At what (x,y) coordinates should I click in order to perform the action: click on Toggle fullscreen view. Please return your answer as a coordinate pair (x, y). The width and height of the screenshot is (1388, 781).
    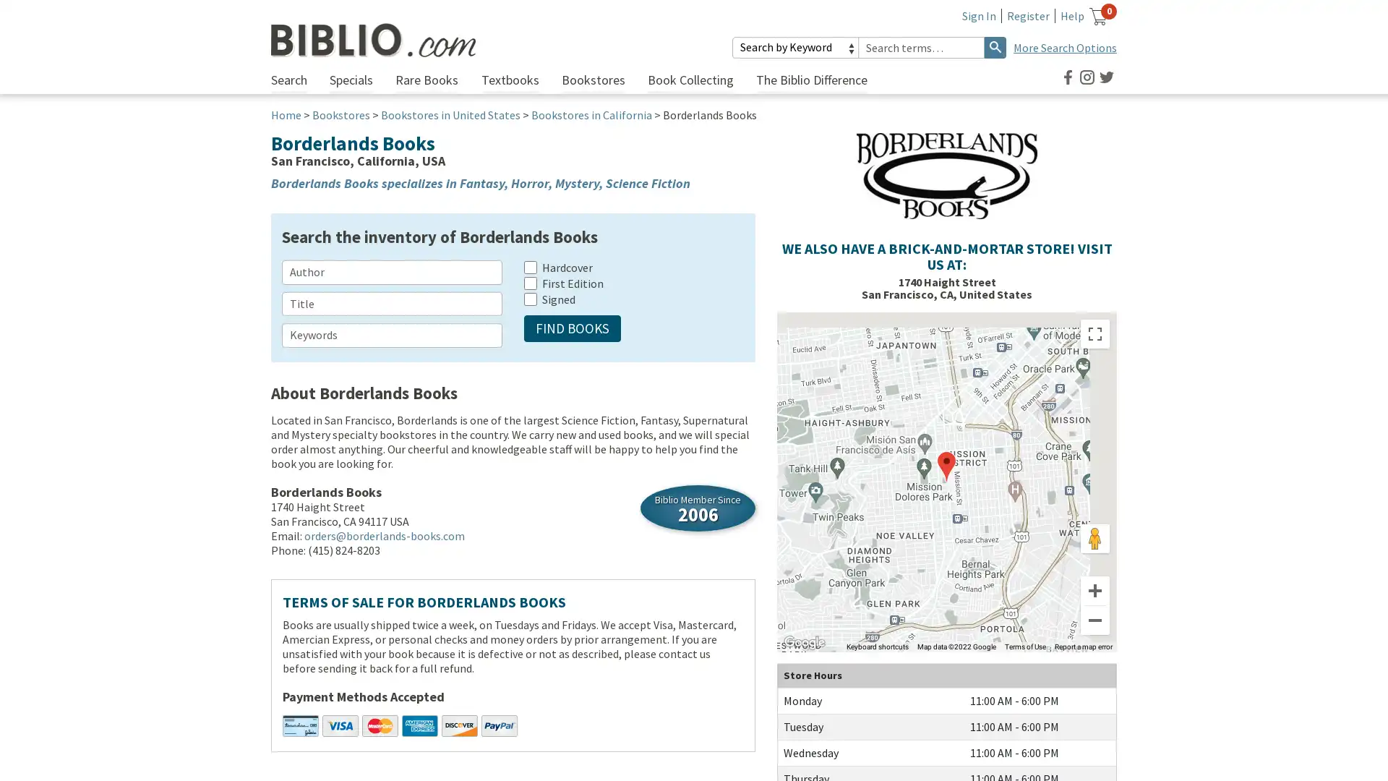
    Looking at the image, I should click on (1095, 334).